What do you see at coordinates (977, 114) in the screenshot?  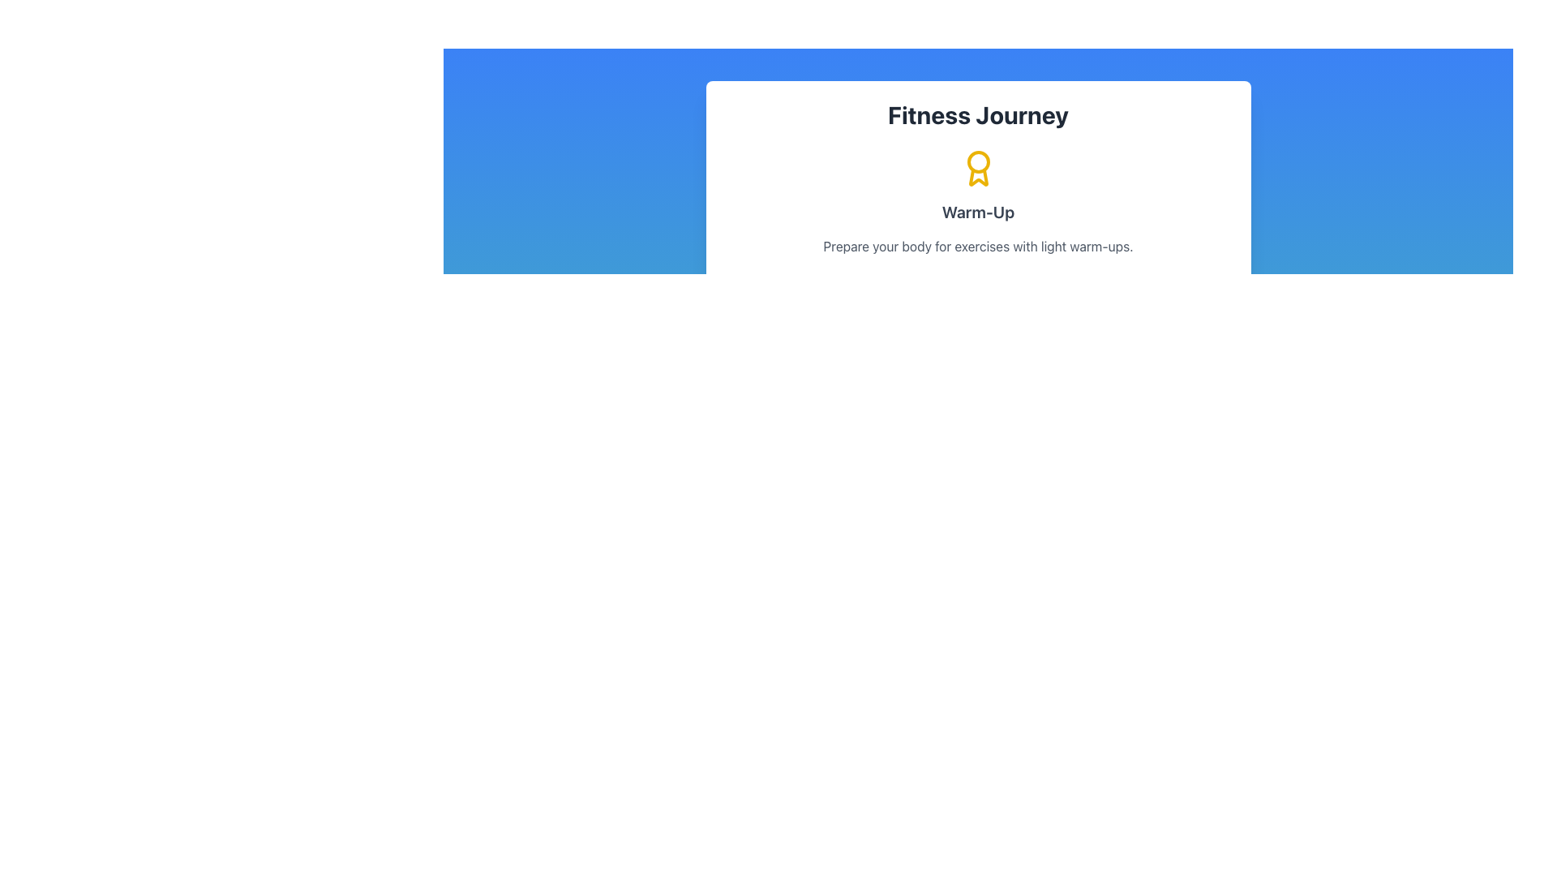 I see `the Text Label that serves as the title 'Fitness Journey', which is centrally aligned at the top of a white rounded section` at bounding box center [977, 114].